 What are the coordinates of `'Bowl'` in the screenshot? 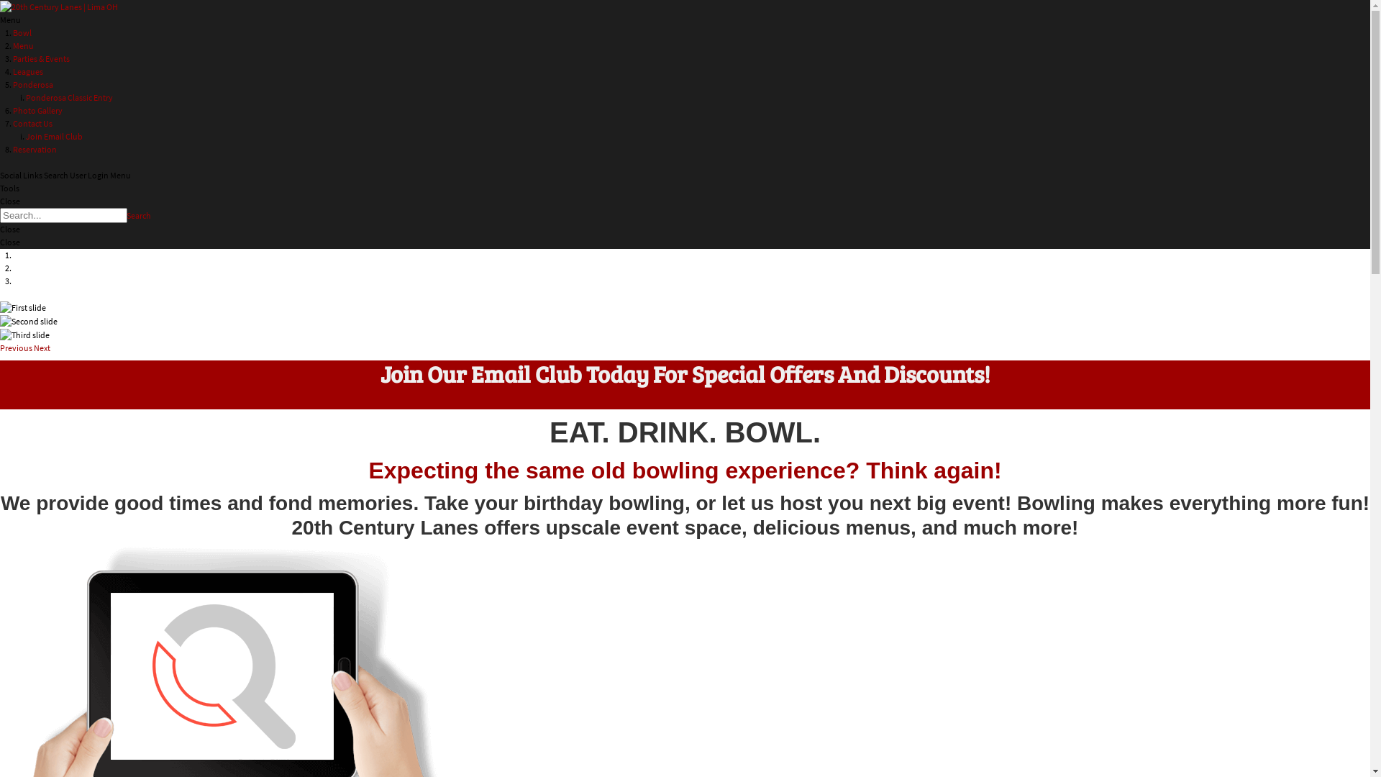 It's located at (22, 32).